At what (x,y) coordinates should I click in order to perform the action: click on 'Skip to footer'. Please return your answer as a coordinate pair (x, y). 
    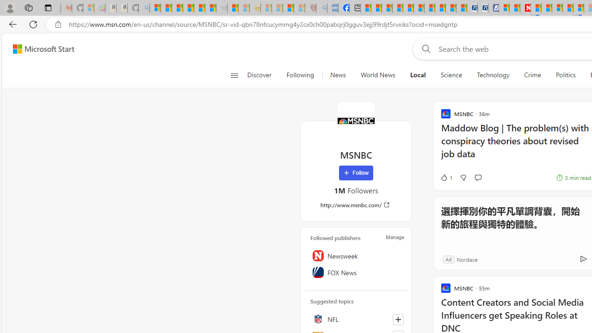
    Looking at the image, I should click on (37, 49).